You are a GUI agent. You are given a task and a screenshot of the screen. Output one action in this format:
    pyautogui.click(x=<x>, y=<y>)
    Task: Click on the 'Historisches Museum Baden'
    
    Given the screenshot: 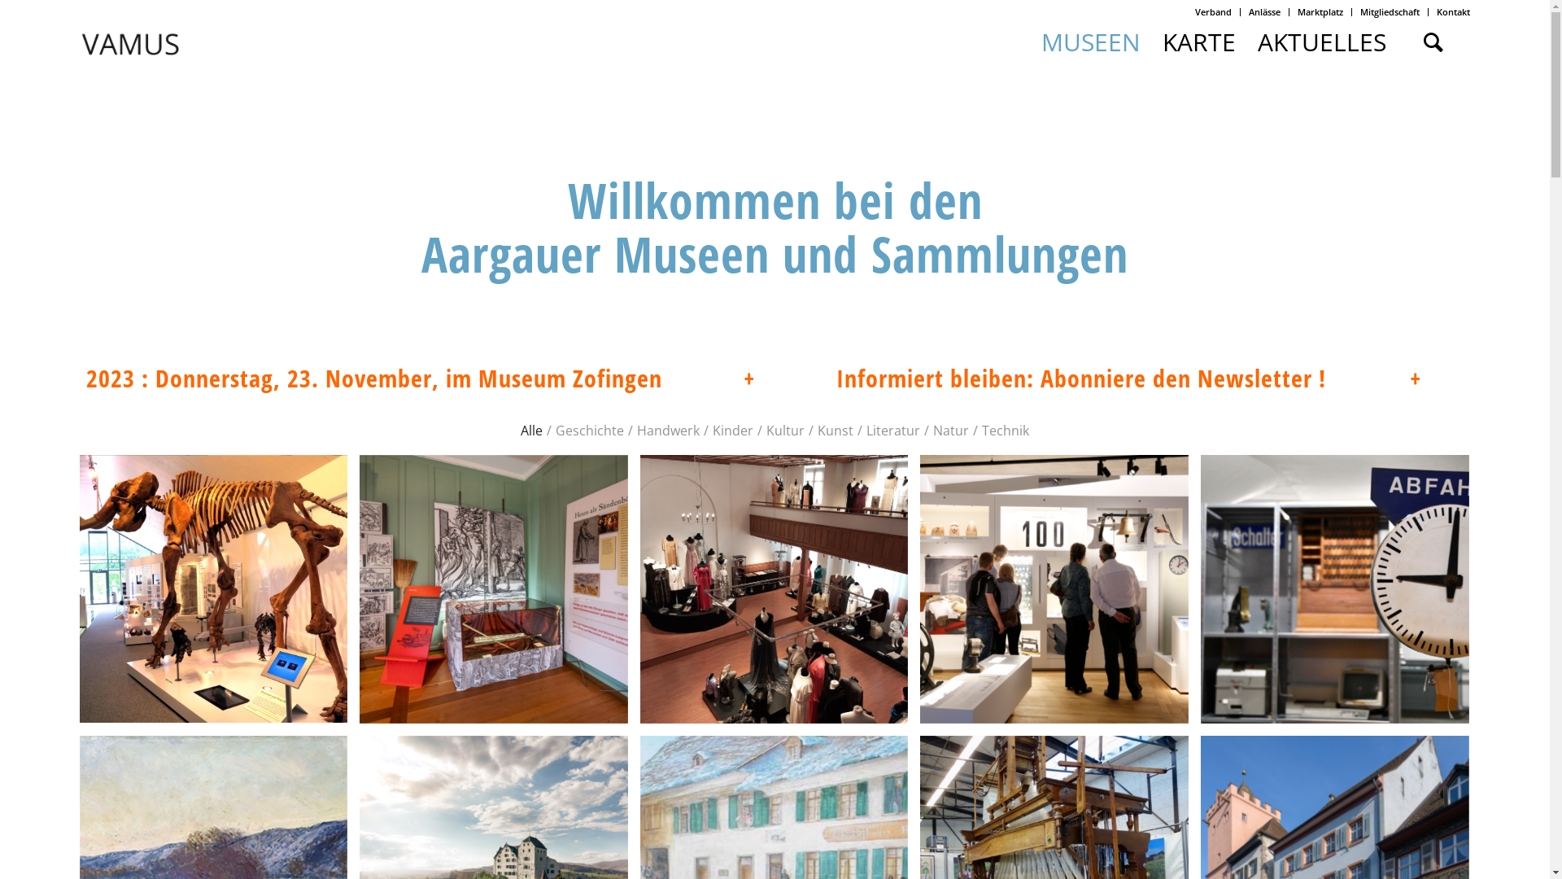 What is the action you would take?
    pyautogui.click(x=1060, y=595)
    